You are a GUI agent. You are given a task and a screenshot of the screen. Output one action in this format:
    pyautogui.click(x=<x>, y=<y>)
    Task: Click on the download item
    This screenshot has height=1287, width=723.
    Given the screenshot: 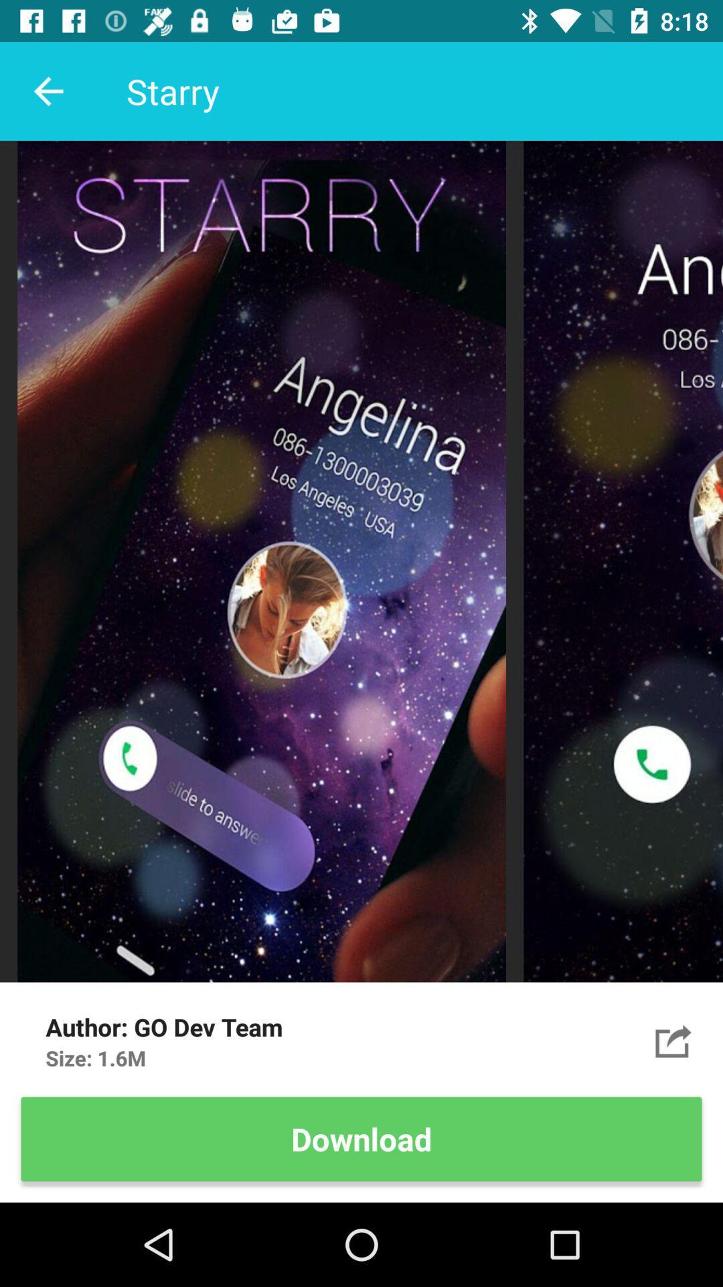 What is the action you would take?
    pyautogui.click(x=361, y=1138)
    